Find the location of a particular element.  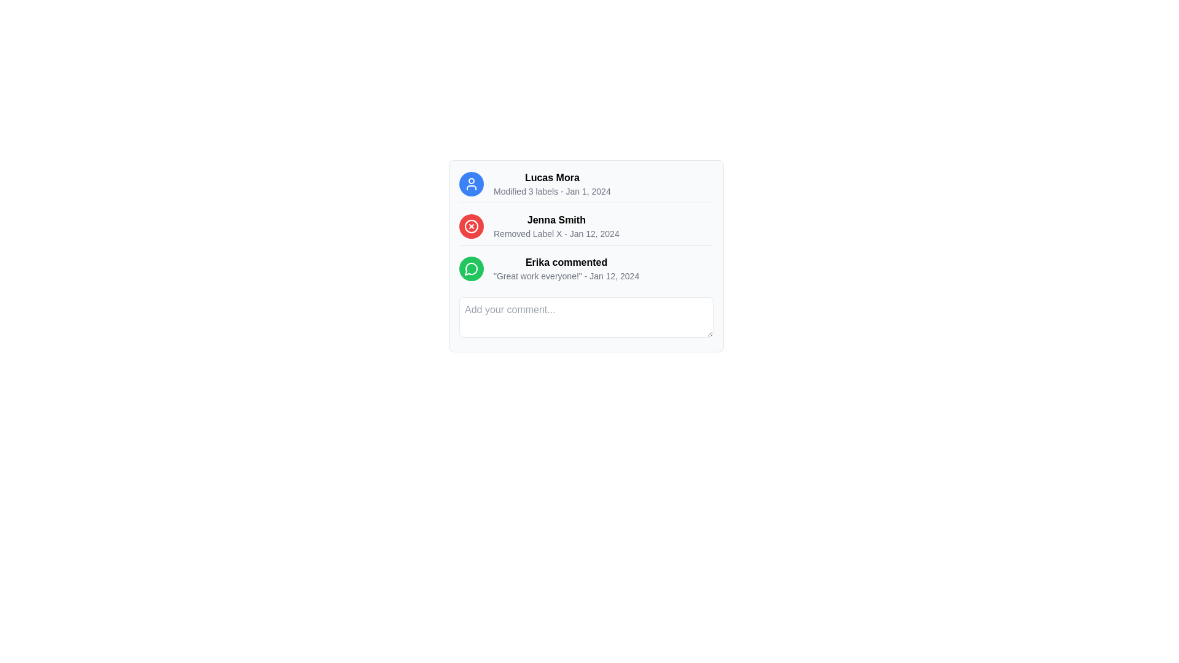

the solid circular icon element nested within a red circular boundary, located to the left of the text 'Jenna Smith' is located at coordinates (471, 227).